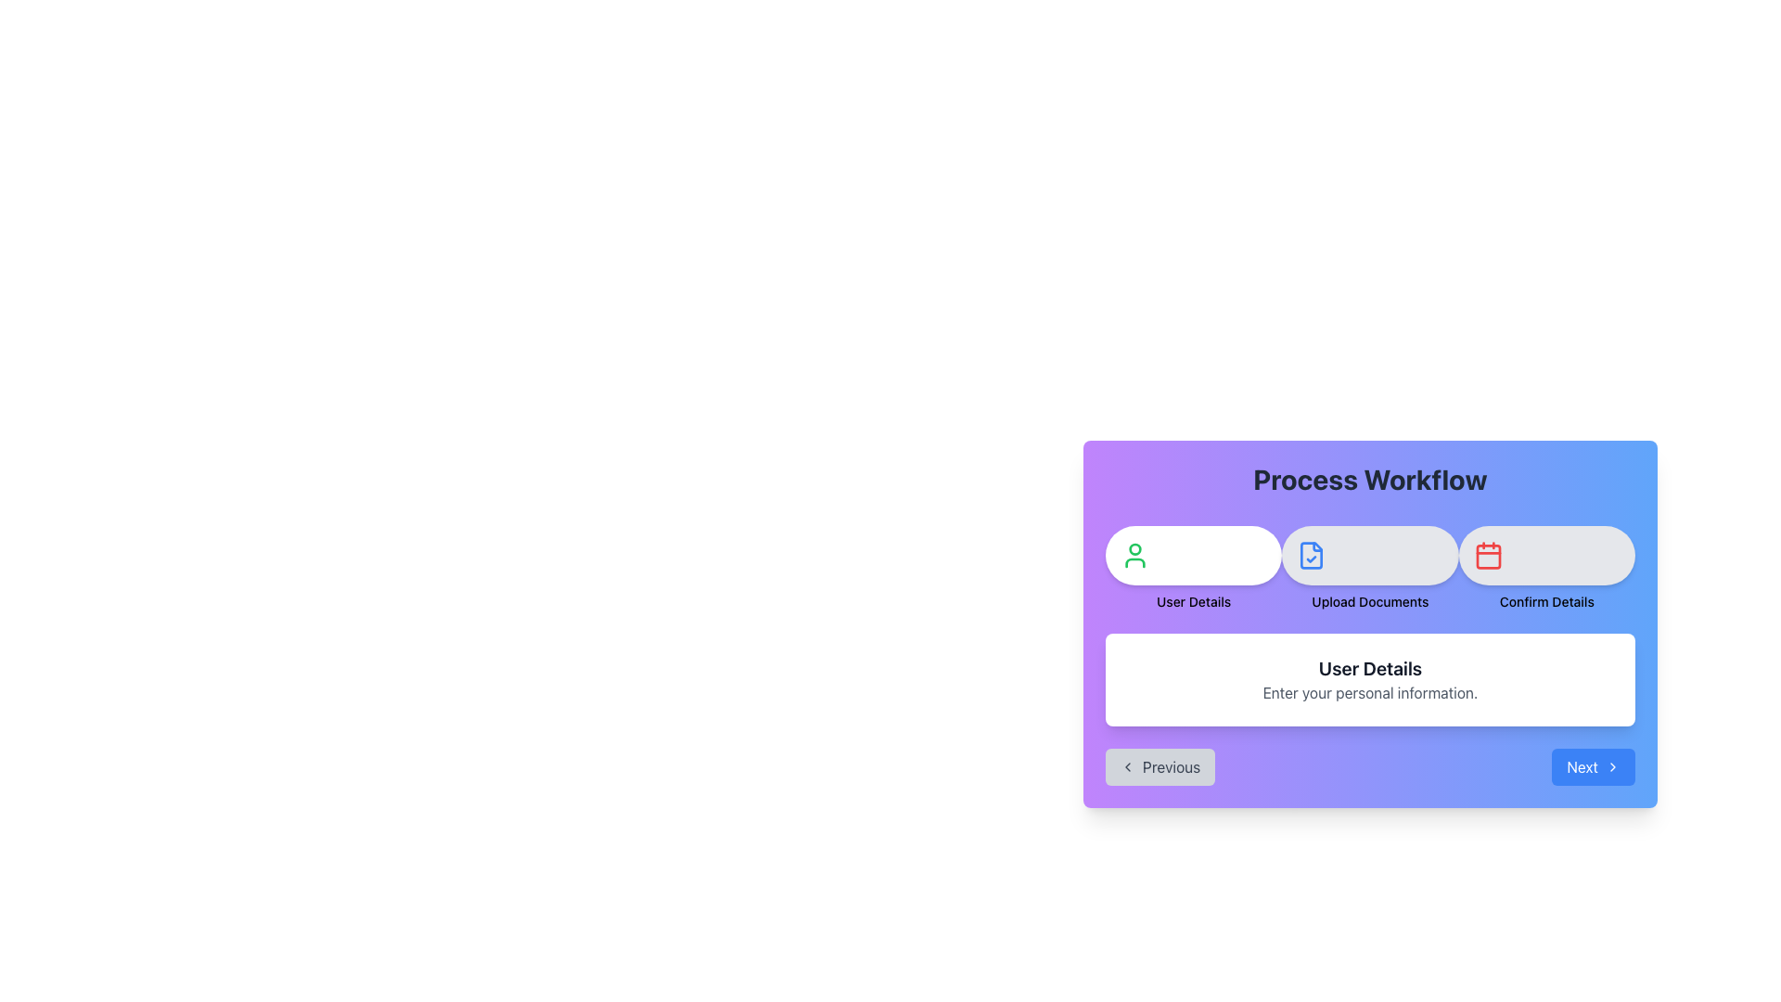 The width and height of the screenshot is (1781, 1002). What do you see at coordinates (1311, 554) in the screenshot?
I see `the blue document icon with a checkmark overlay, which is the second item in a horizontal sequence of step buttons` at bounding box center [1311, 554].